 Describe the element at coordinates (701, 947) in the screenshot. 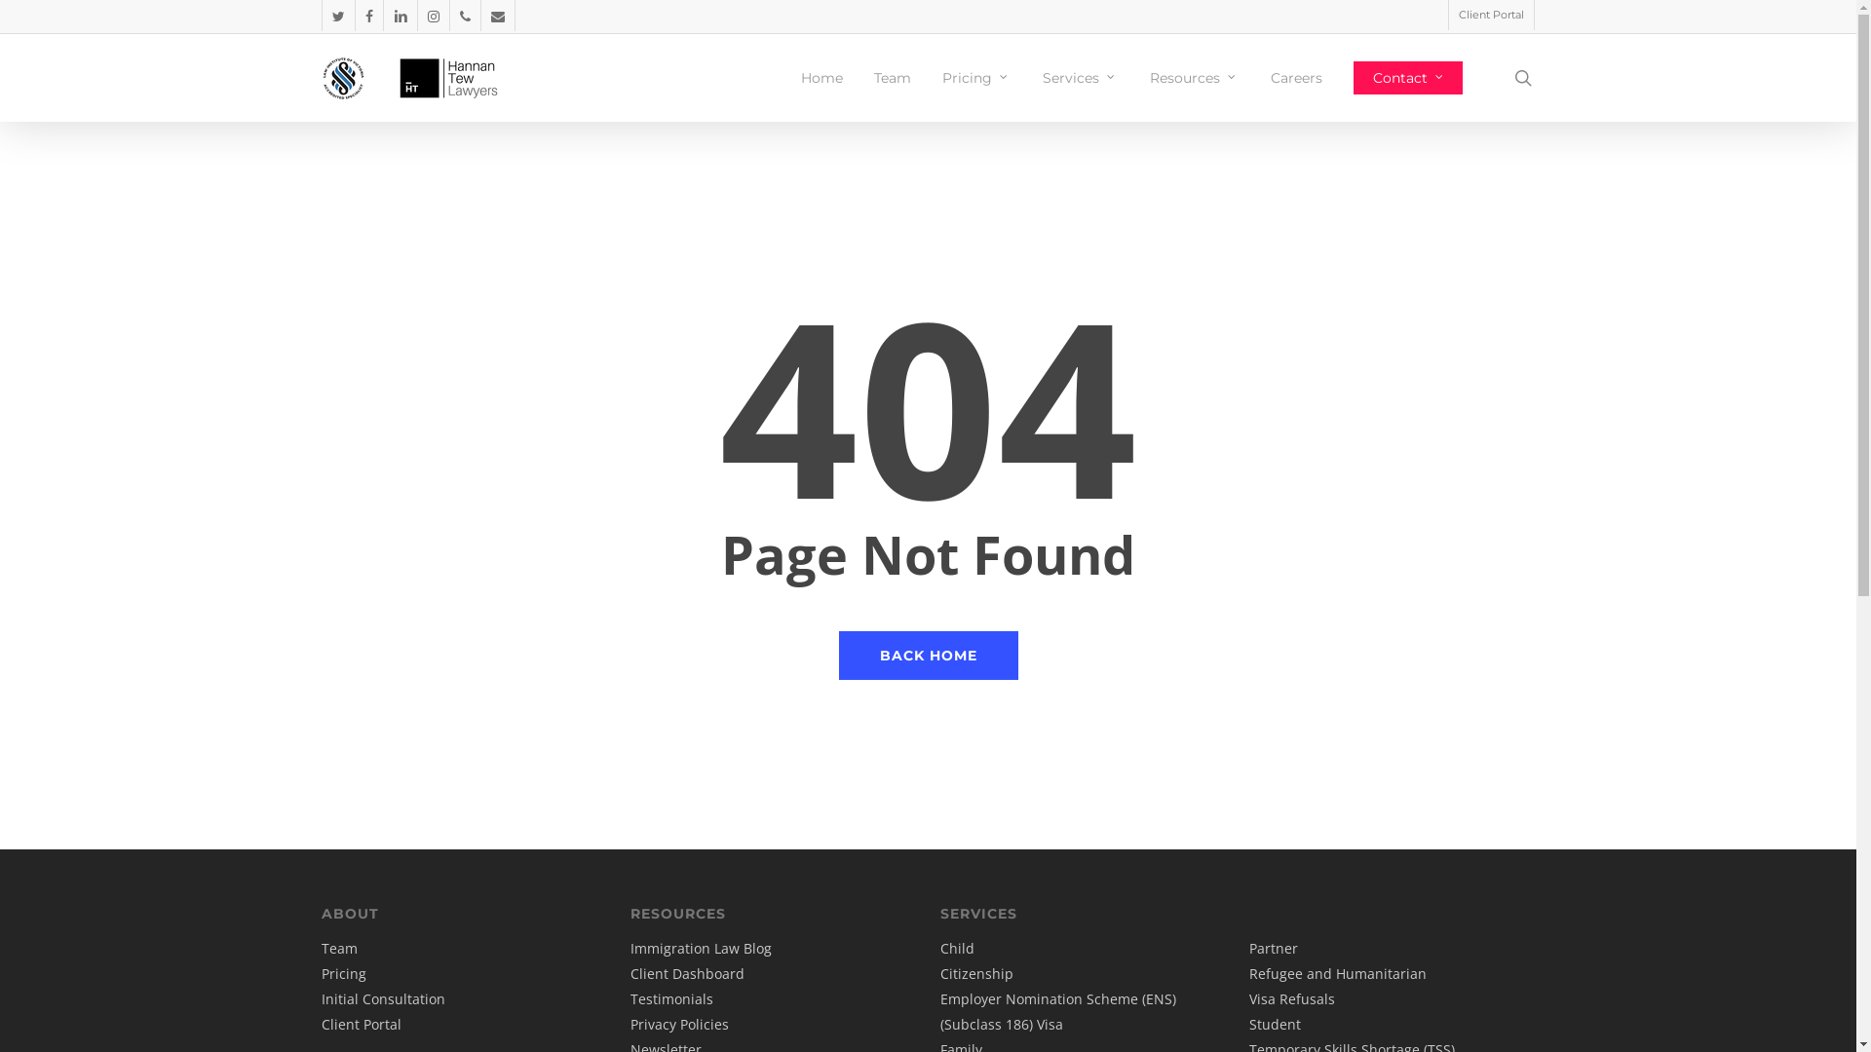

I see `'Immigration Law Blog'` at that location.